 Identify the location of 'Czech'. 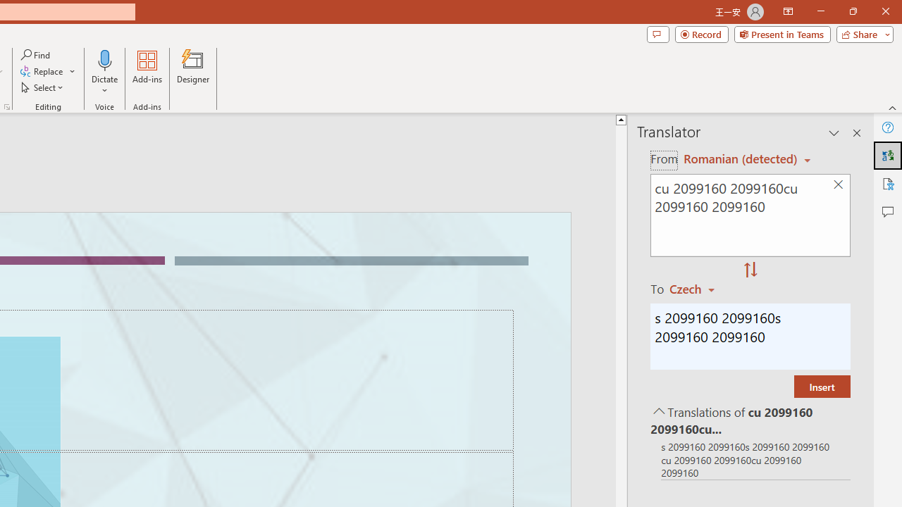
(698, 288).